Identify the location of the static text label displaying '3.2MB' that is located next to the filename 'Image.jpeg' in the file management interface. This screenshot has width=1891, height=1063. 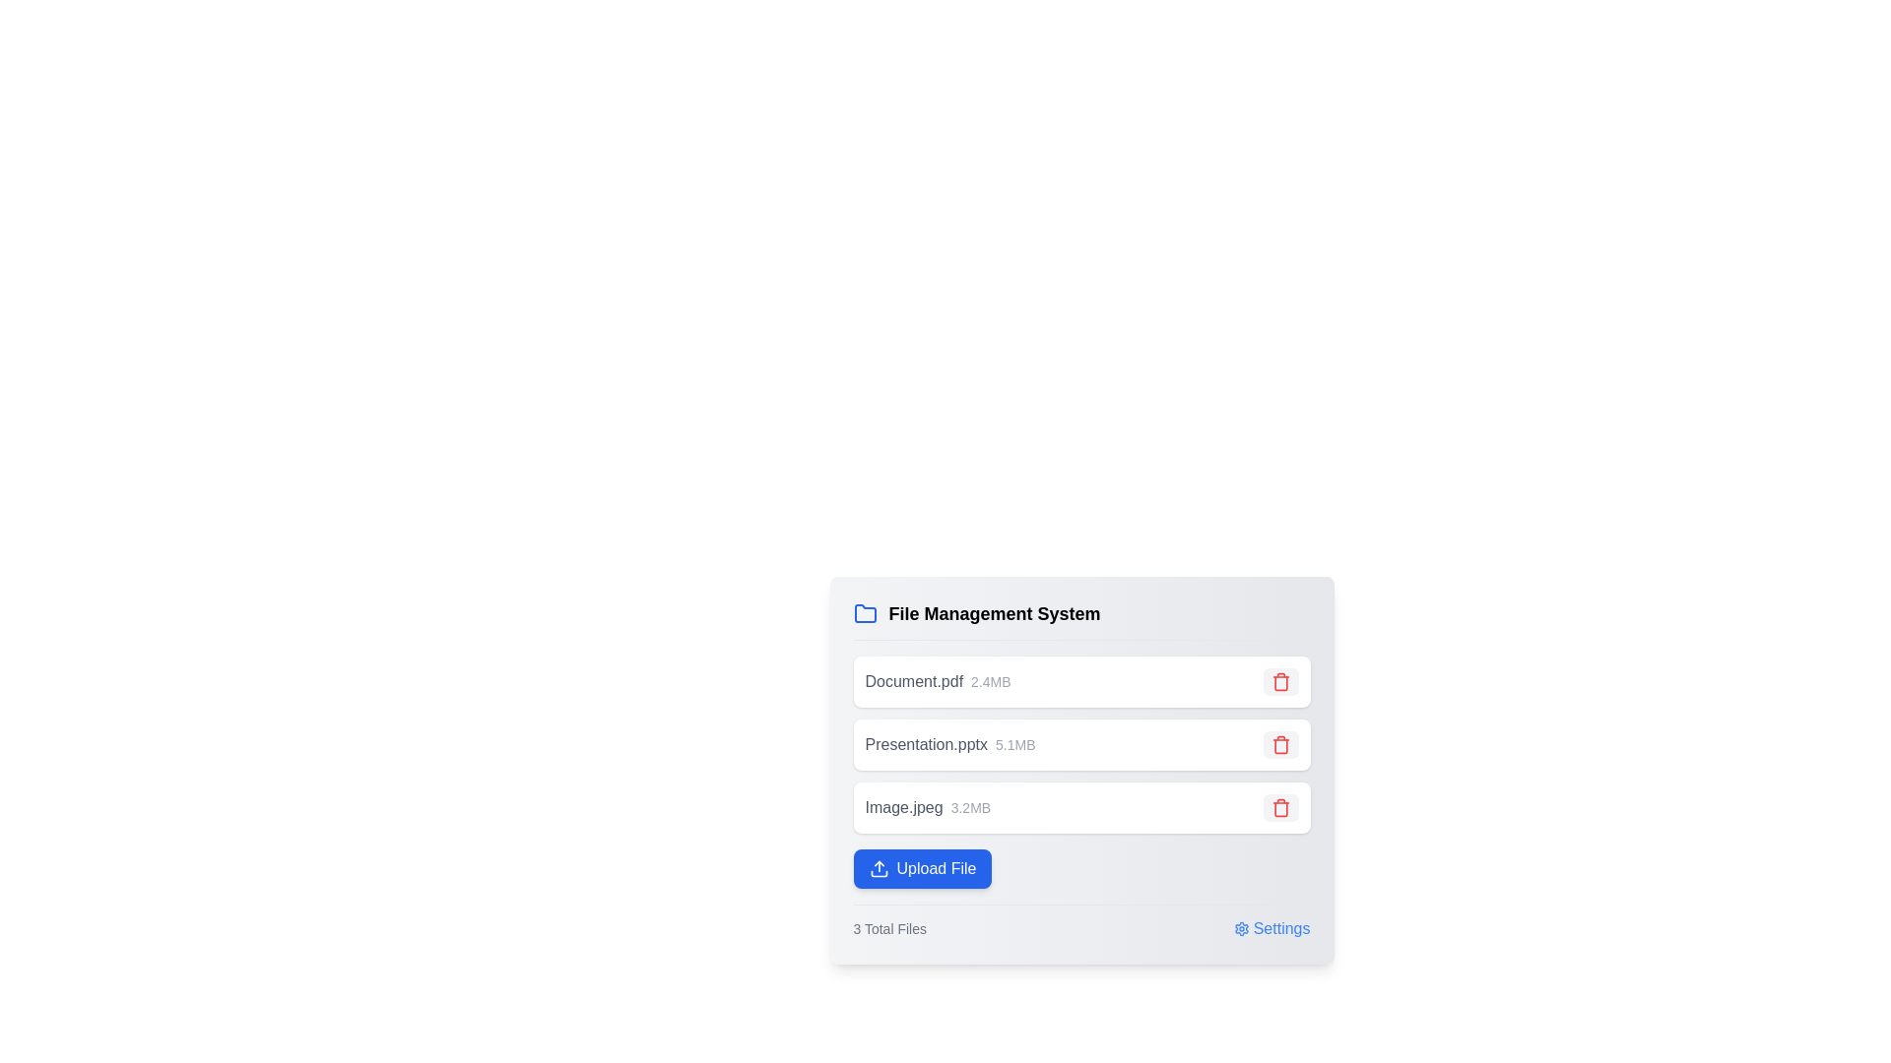
(970, 808).